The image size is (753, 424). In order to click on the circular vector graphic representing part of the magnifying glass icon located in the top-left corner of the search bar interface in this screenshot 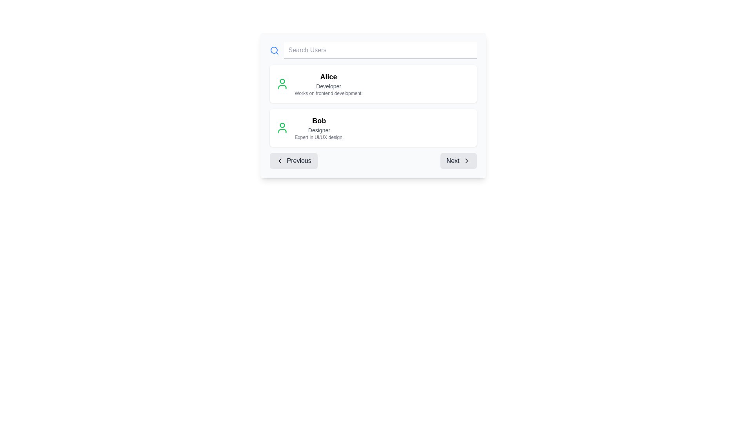, I will do `click(274, 50)`.